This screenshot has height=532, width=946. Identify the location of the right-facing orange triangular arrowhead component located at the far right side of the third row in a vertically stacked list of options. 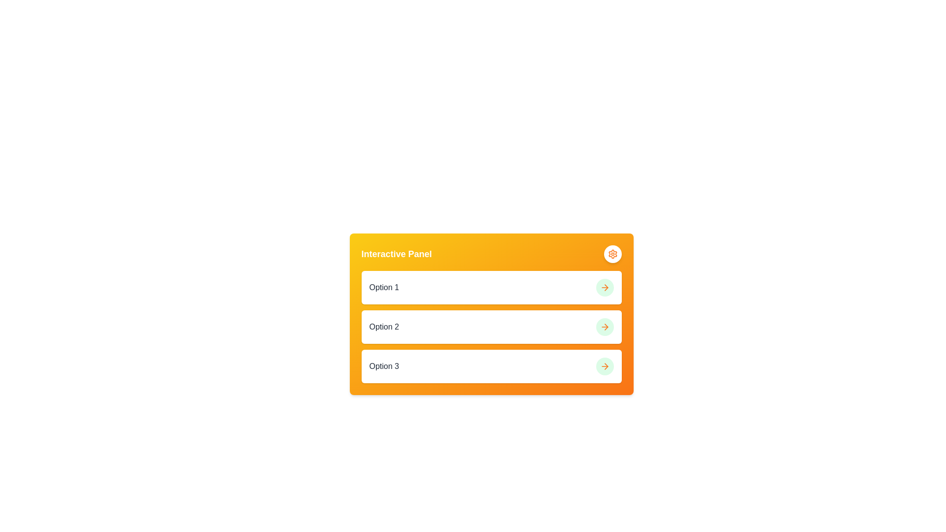
(606, 366).